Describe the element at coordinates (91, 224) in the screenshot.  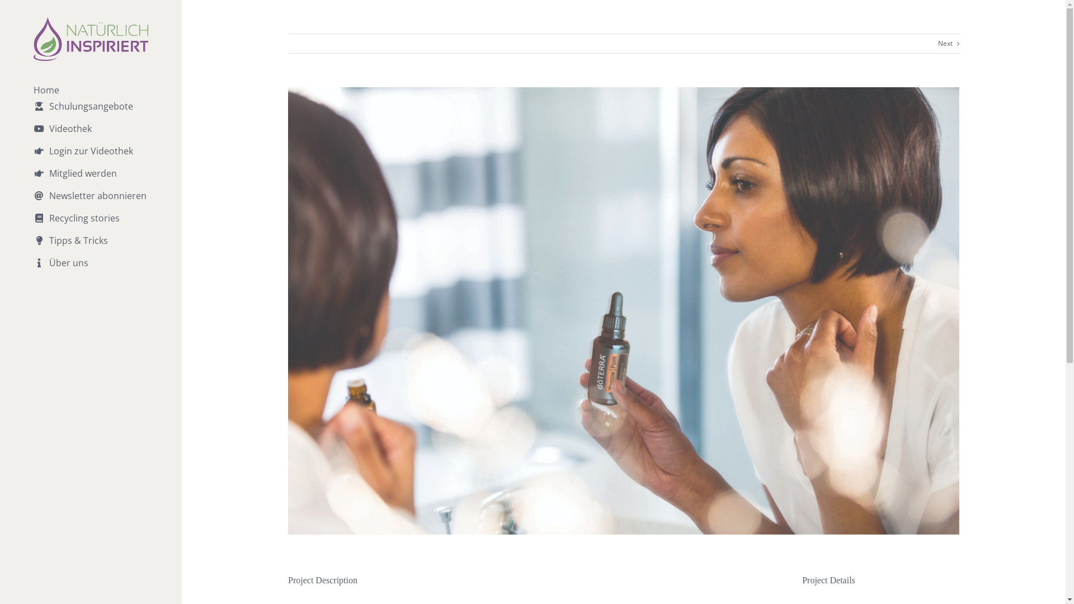
I see `'Recycling stories'` at that location.